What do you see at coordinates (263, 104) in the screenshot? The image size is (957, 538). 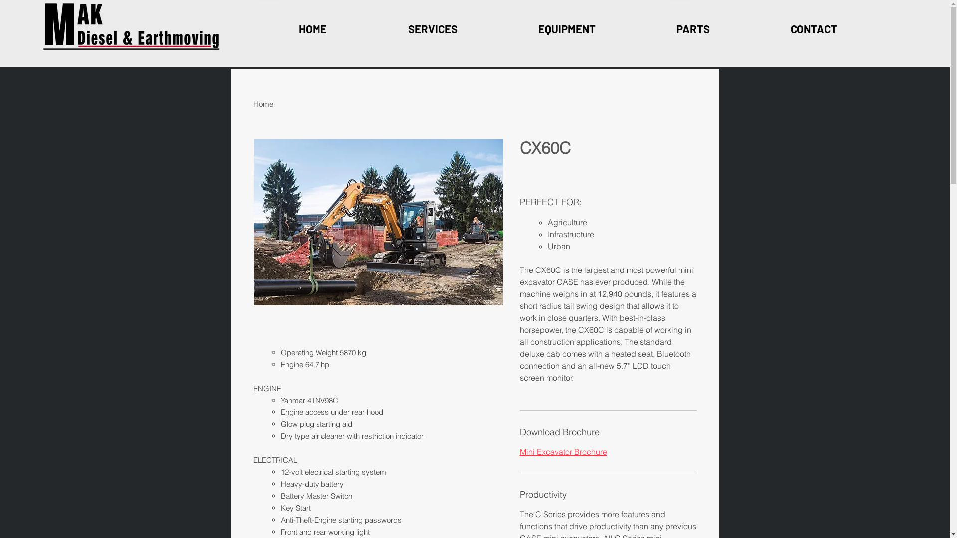 I see `'Home'` at bounding box center [263, 104].